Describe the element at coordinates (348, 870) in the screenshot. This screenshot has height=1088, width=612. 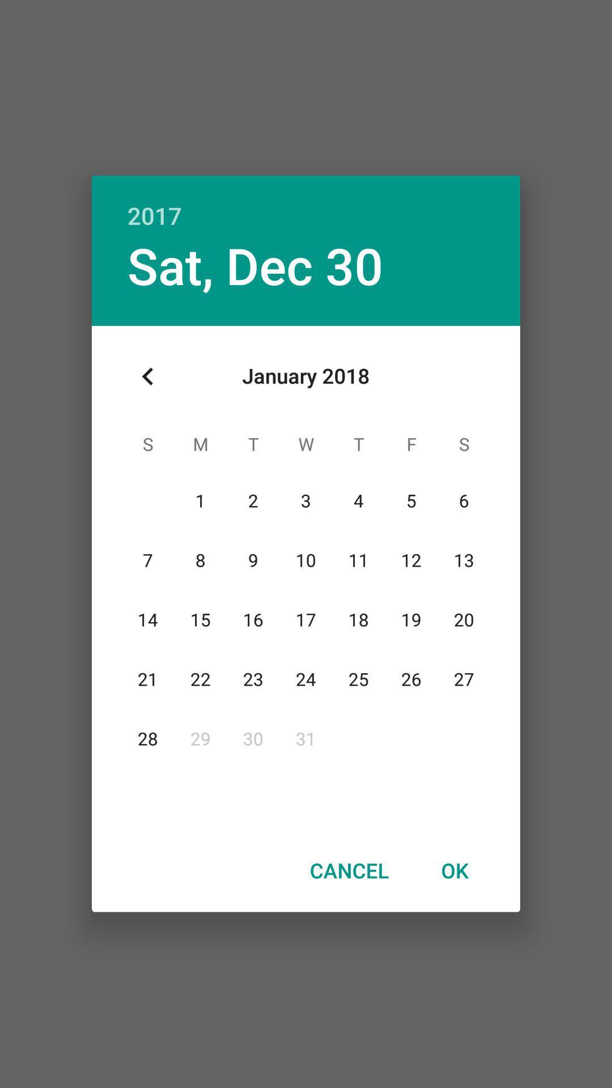
I see `icon to the left of ok icon` at that location.